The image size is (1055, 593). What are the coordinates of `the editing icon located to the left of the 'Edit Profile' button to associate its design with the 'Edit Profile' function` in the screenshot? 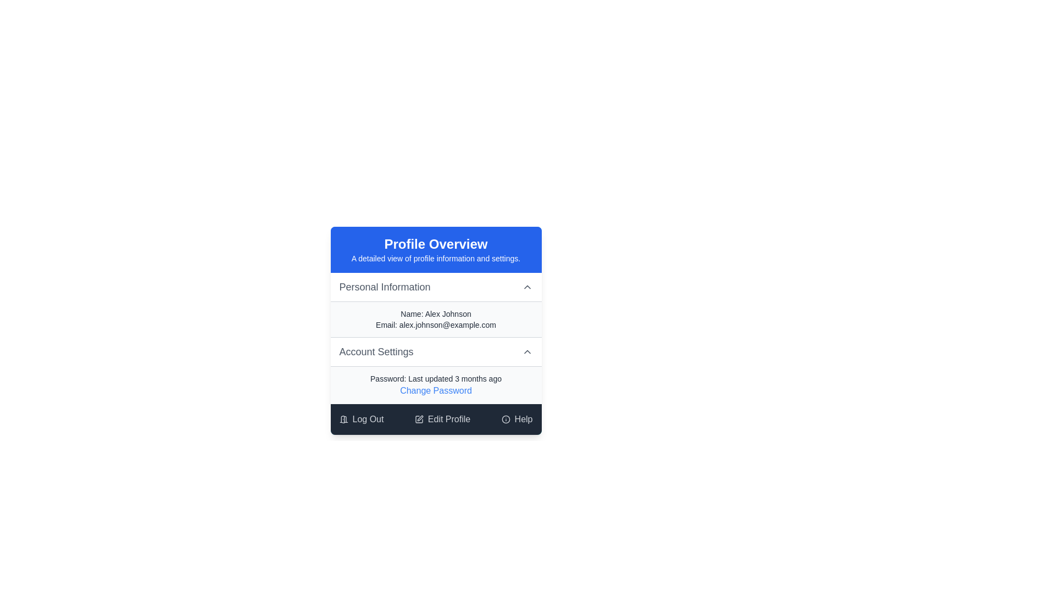 It's located at (418, 419).